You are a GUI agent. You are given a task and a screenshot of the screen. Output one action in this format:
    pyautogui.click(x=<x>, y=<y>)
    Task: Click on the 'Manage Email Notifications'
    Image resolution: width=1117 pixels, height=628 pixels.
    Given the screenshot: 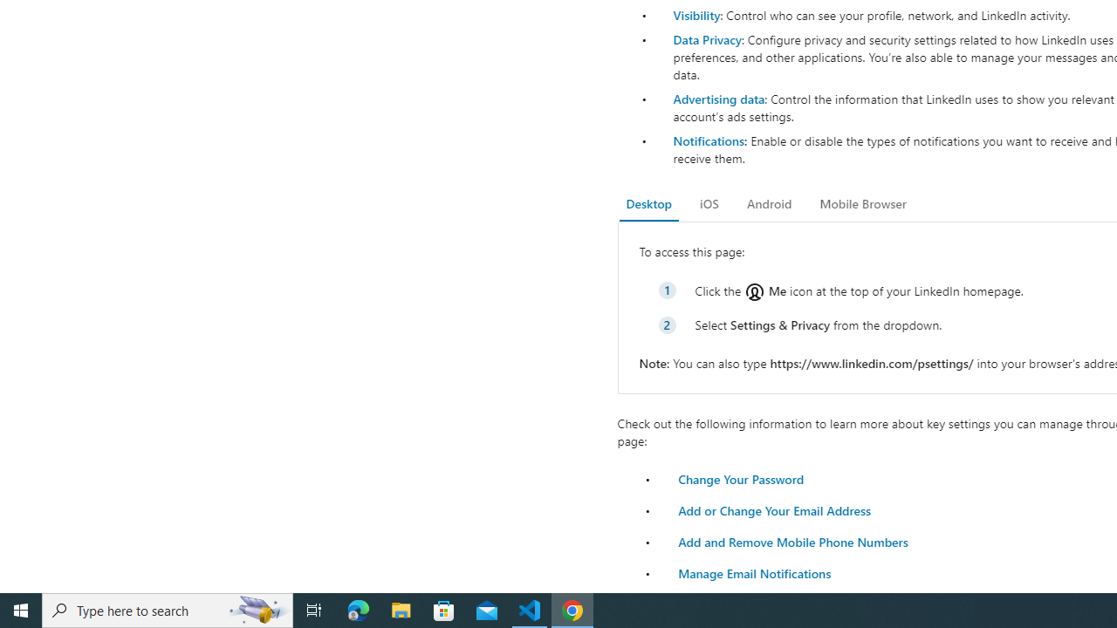 What is the action you would take?
    pyautogui.click(x=755, y=573)
    